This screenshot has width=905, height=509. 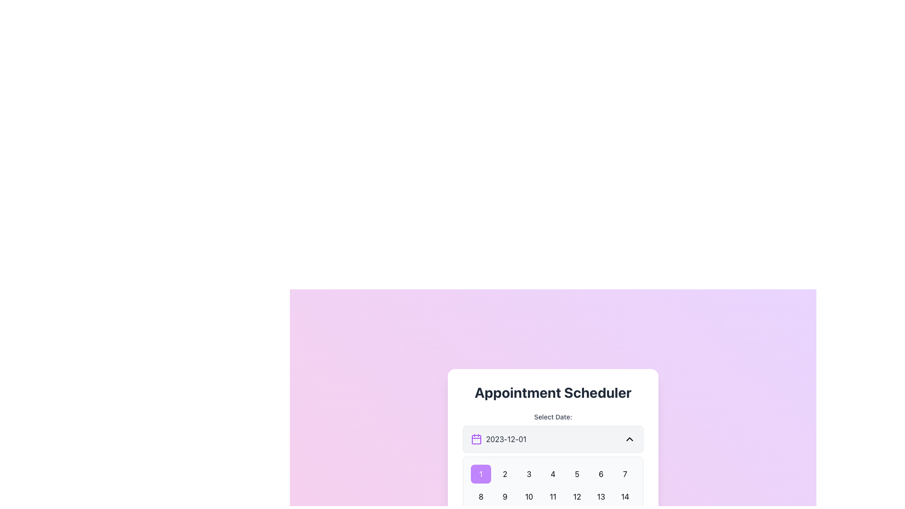 I want to click on the static text label displaying 'Select Date:' which is positioned above the date selection field in the calendar interface, so click(x=553, y=417).